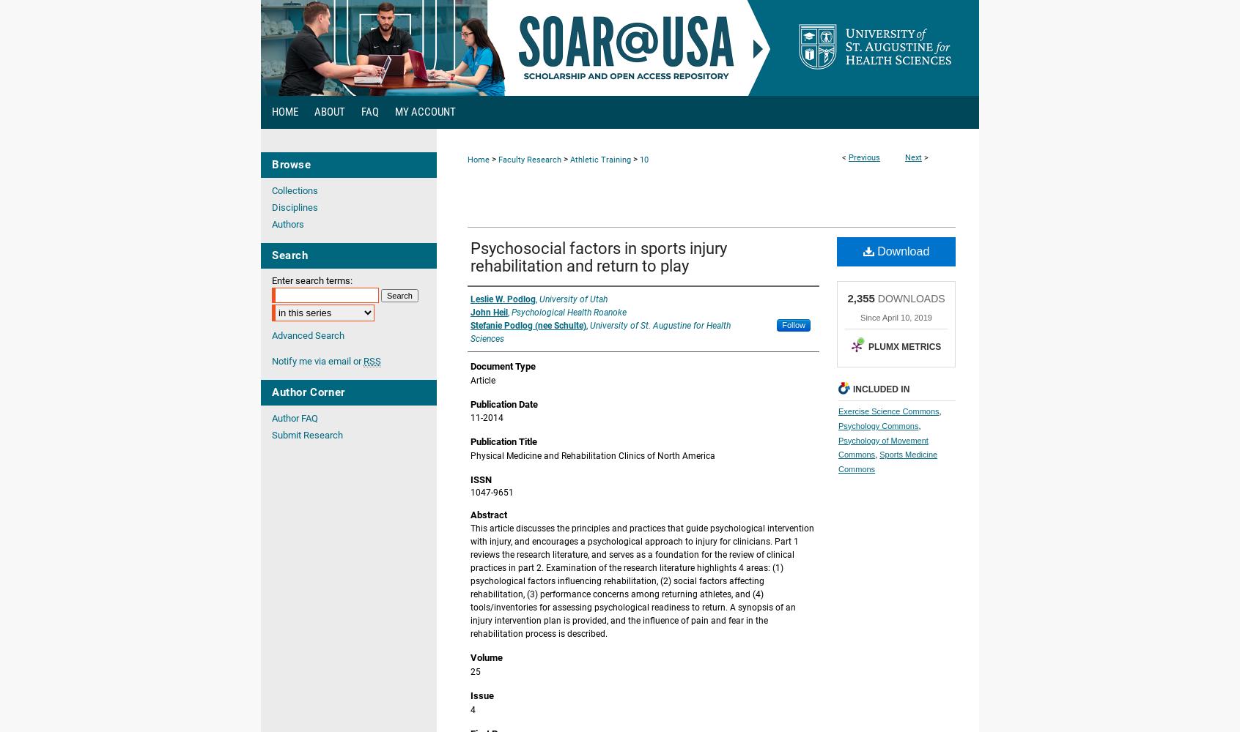 The height and width of the screenshot is (732, 1240). I want to click on 'This article discusses the principles and practices that guide psychological intervention with injury, and encourages a psychological approach to injury for clinicians. Part 1 reviews the research literature, and serves as a foundation for the review of clinical practices in part 2. Examination of the research literature highlights 4 areas: (1) psychological factors influencing rehabilitation, (2) social factors affecting rehabilitation, (3) performance concerns among returning athletes, and (4) tools/inventories for assessing psychological readiness to return. A synopsis of an injury intervention plan is provided, and the influence of pain and fear in the rehabilitation process is described.', so click(641, 581).